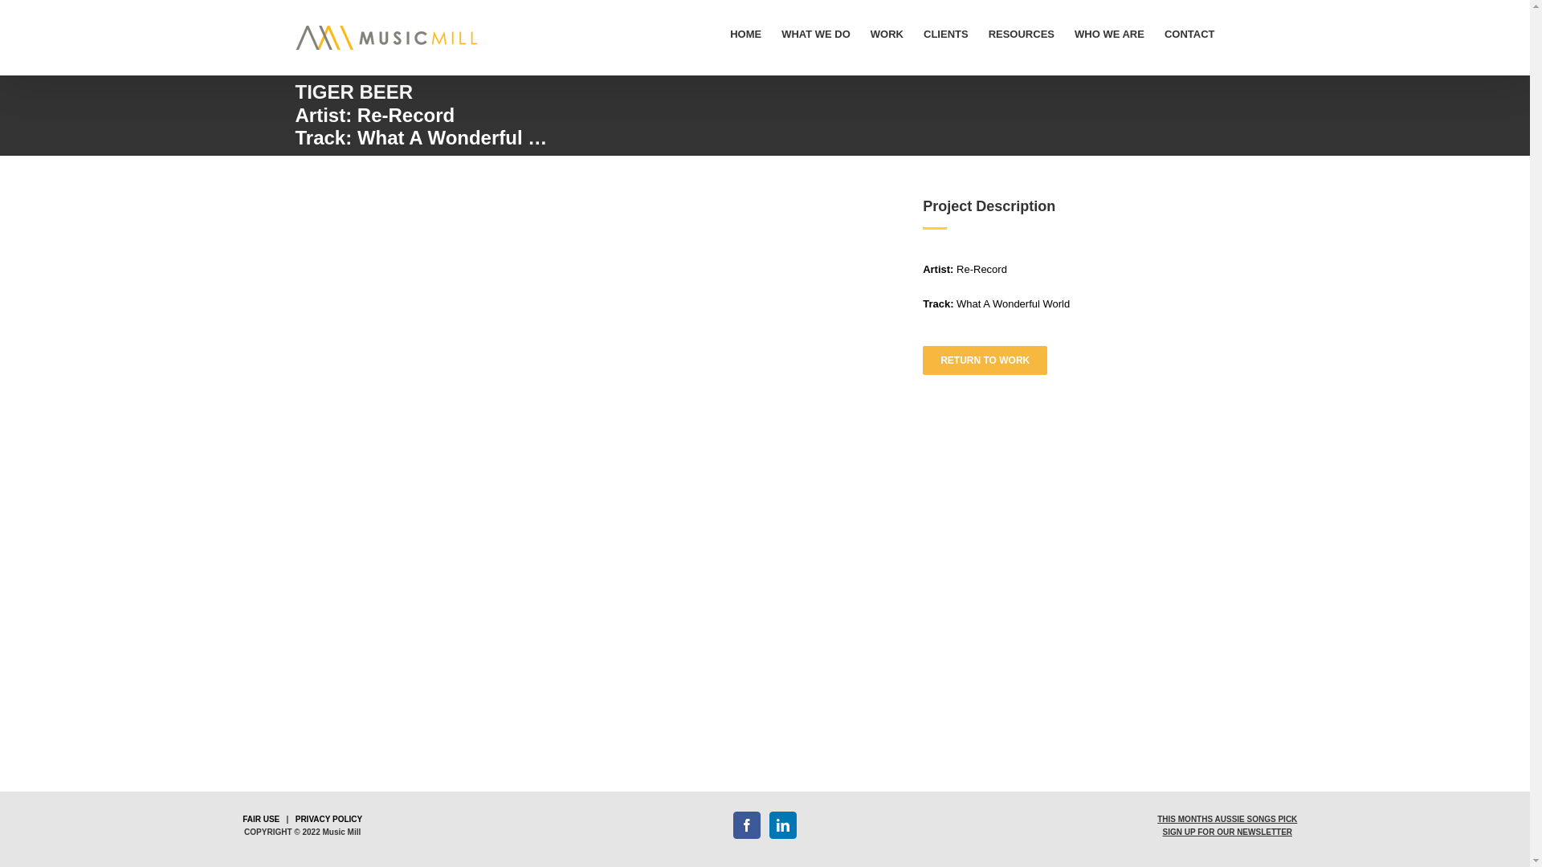  Describe the element at coordinates (591, 365) in the screenshot. I see `'YouTube video player 1'` at that location.